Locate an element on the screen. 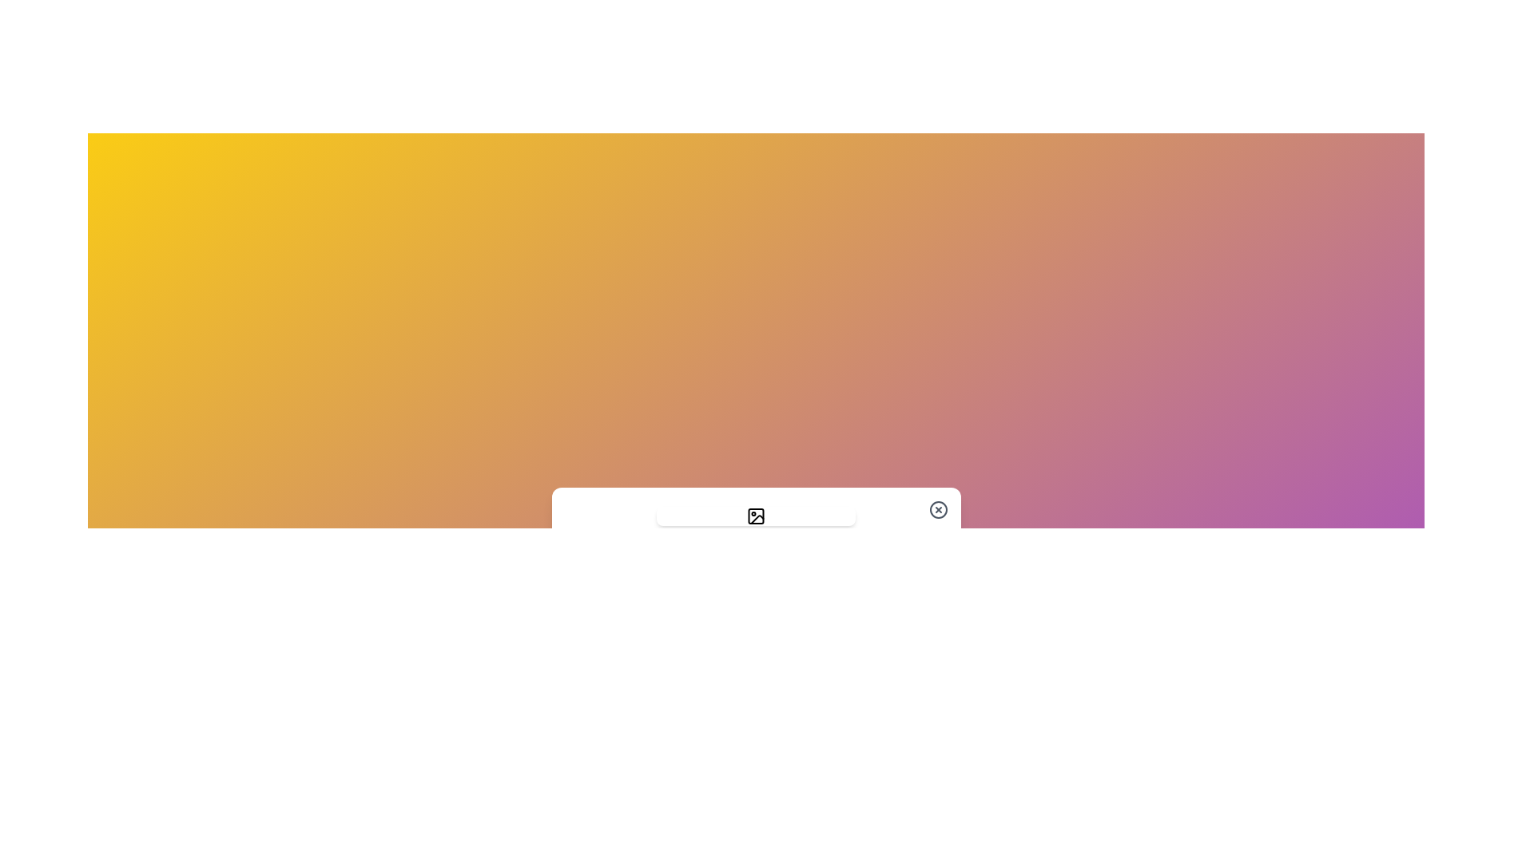 The height and width of the screenshot is (862, 1534). the leftward-pointing chevron button, which is styled with a gray tone and changes to a darker shade on hover, located on the left side of a white panel is located at coordinates (579, 540).